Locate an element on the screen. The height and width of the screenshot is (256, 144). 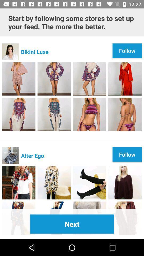
the start by following is located at coordinates (72, 22).